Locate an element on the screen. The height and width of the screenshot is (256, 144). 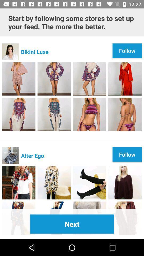
the start by following is located at coordinates (72, 22).